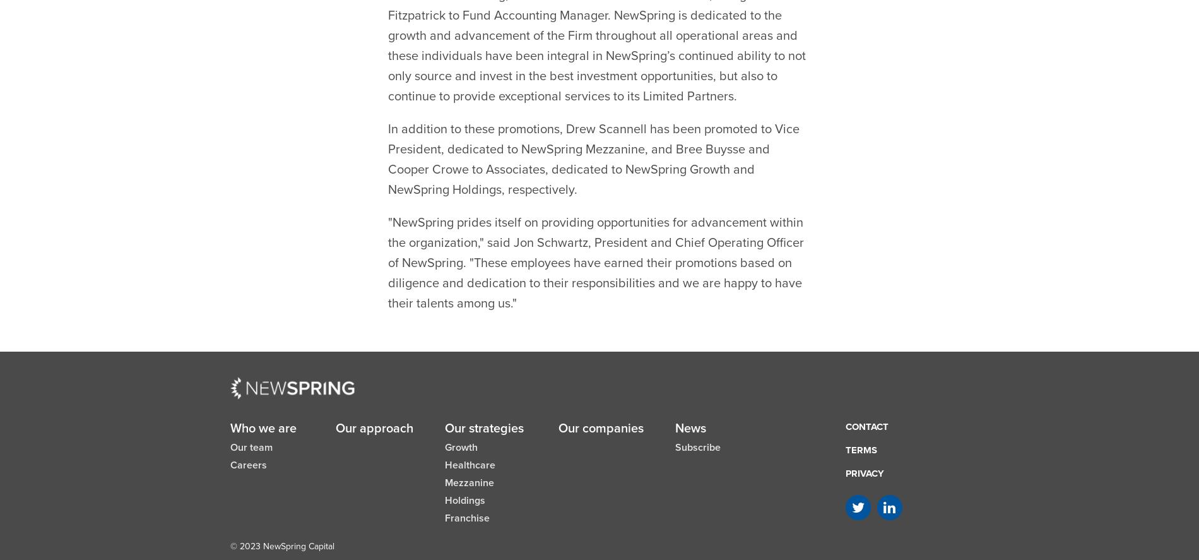 The image size is (1199, 560). What do you see at coordinates (469, 451) in the screenshot?
I see `'Mezzanine'` at bounding box center [469, 451].